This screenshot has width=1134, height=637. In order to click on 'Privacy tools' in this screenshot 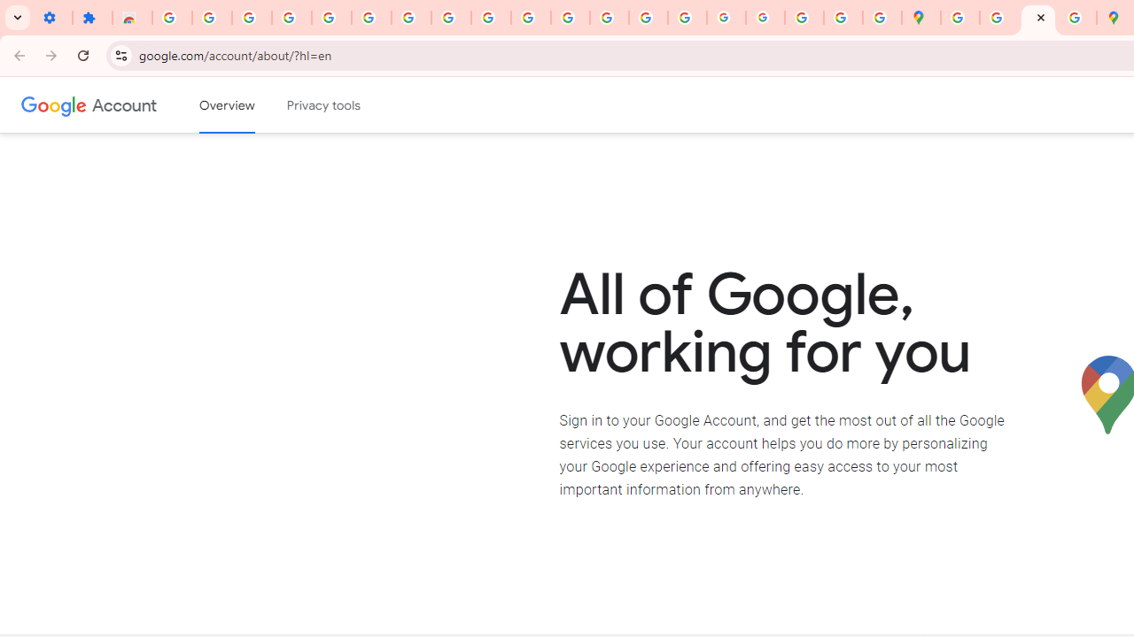, I will do `click(324, 105)`.